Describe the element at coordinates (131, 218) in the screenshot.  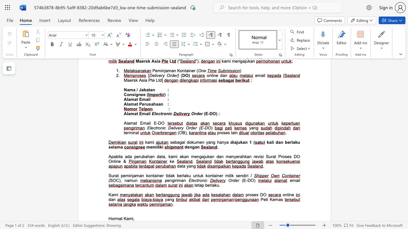
I see `the space between the continuous character "m" and "i" in the text` at that location.